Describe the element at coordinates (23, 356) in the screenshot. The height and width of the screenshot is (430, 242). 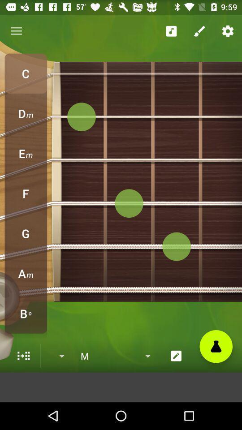
I see `menu page` at that location.